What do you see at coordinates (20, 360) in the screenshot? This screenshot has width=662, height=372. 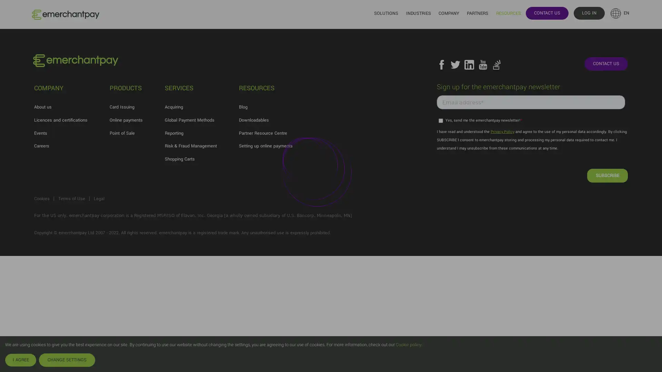 I see `I AGREE` at bounding box center [20, 360].